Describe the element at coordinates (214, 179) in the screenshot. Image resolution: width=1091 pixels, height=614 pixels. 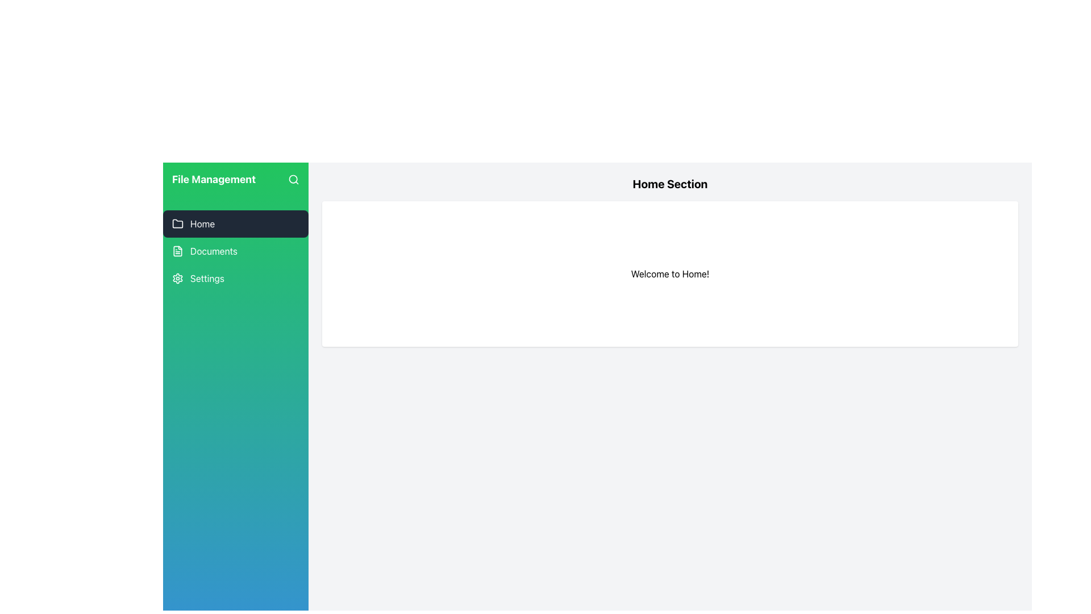
I see `the 'File Management' text label located at the top of the green sidebar, positioned left of the search icon` at that location.